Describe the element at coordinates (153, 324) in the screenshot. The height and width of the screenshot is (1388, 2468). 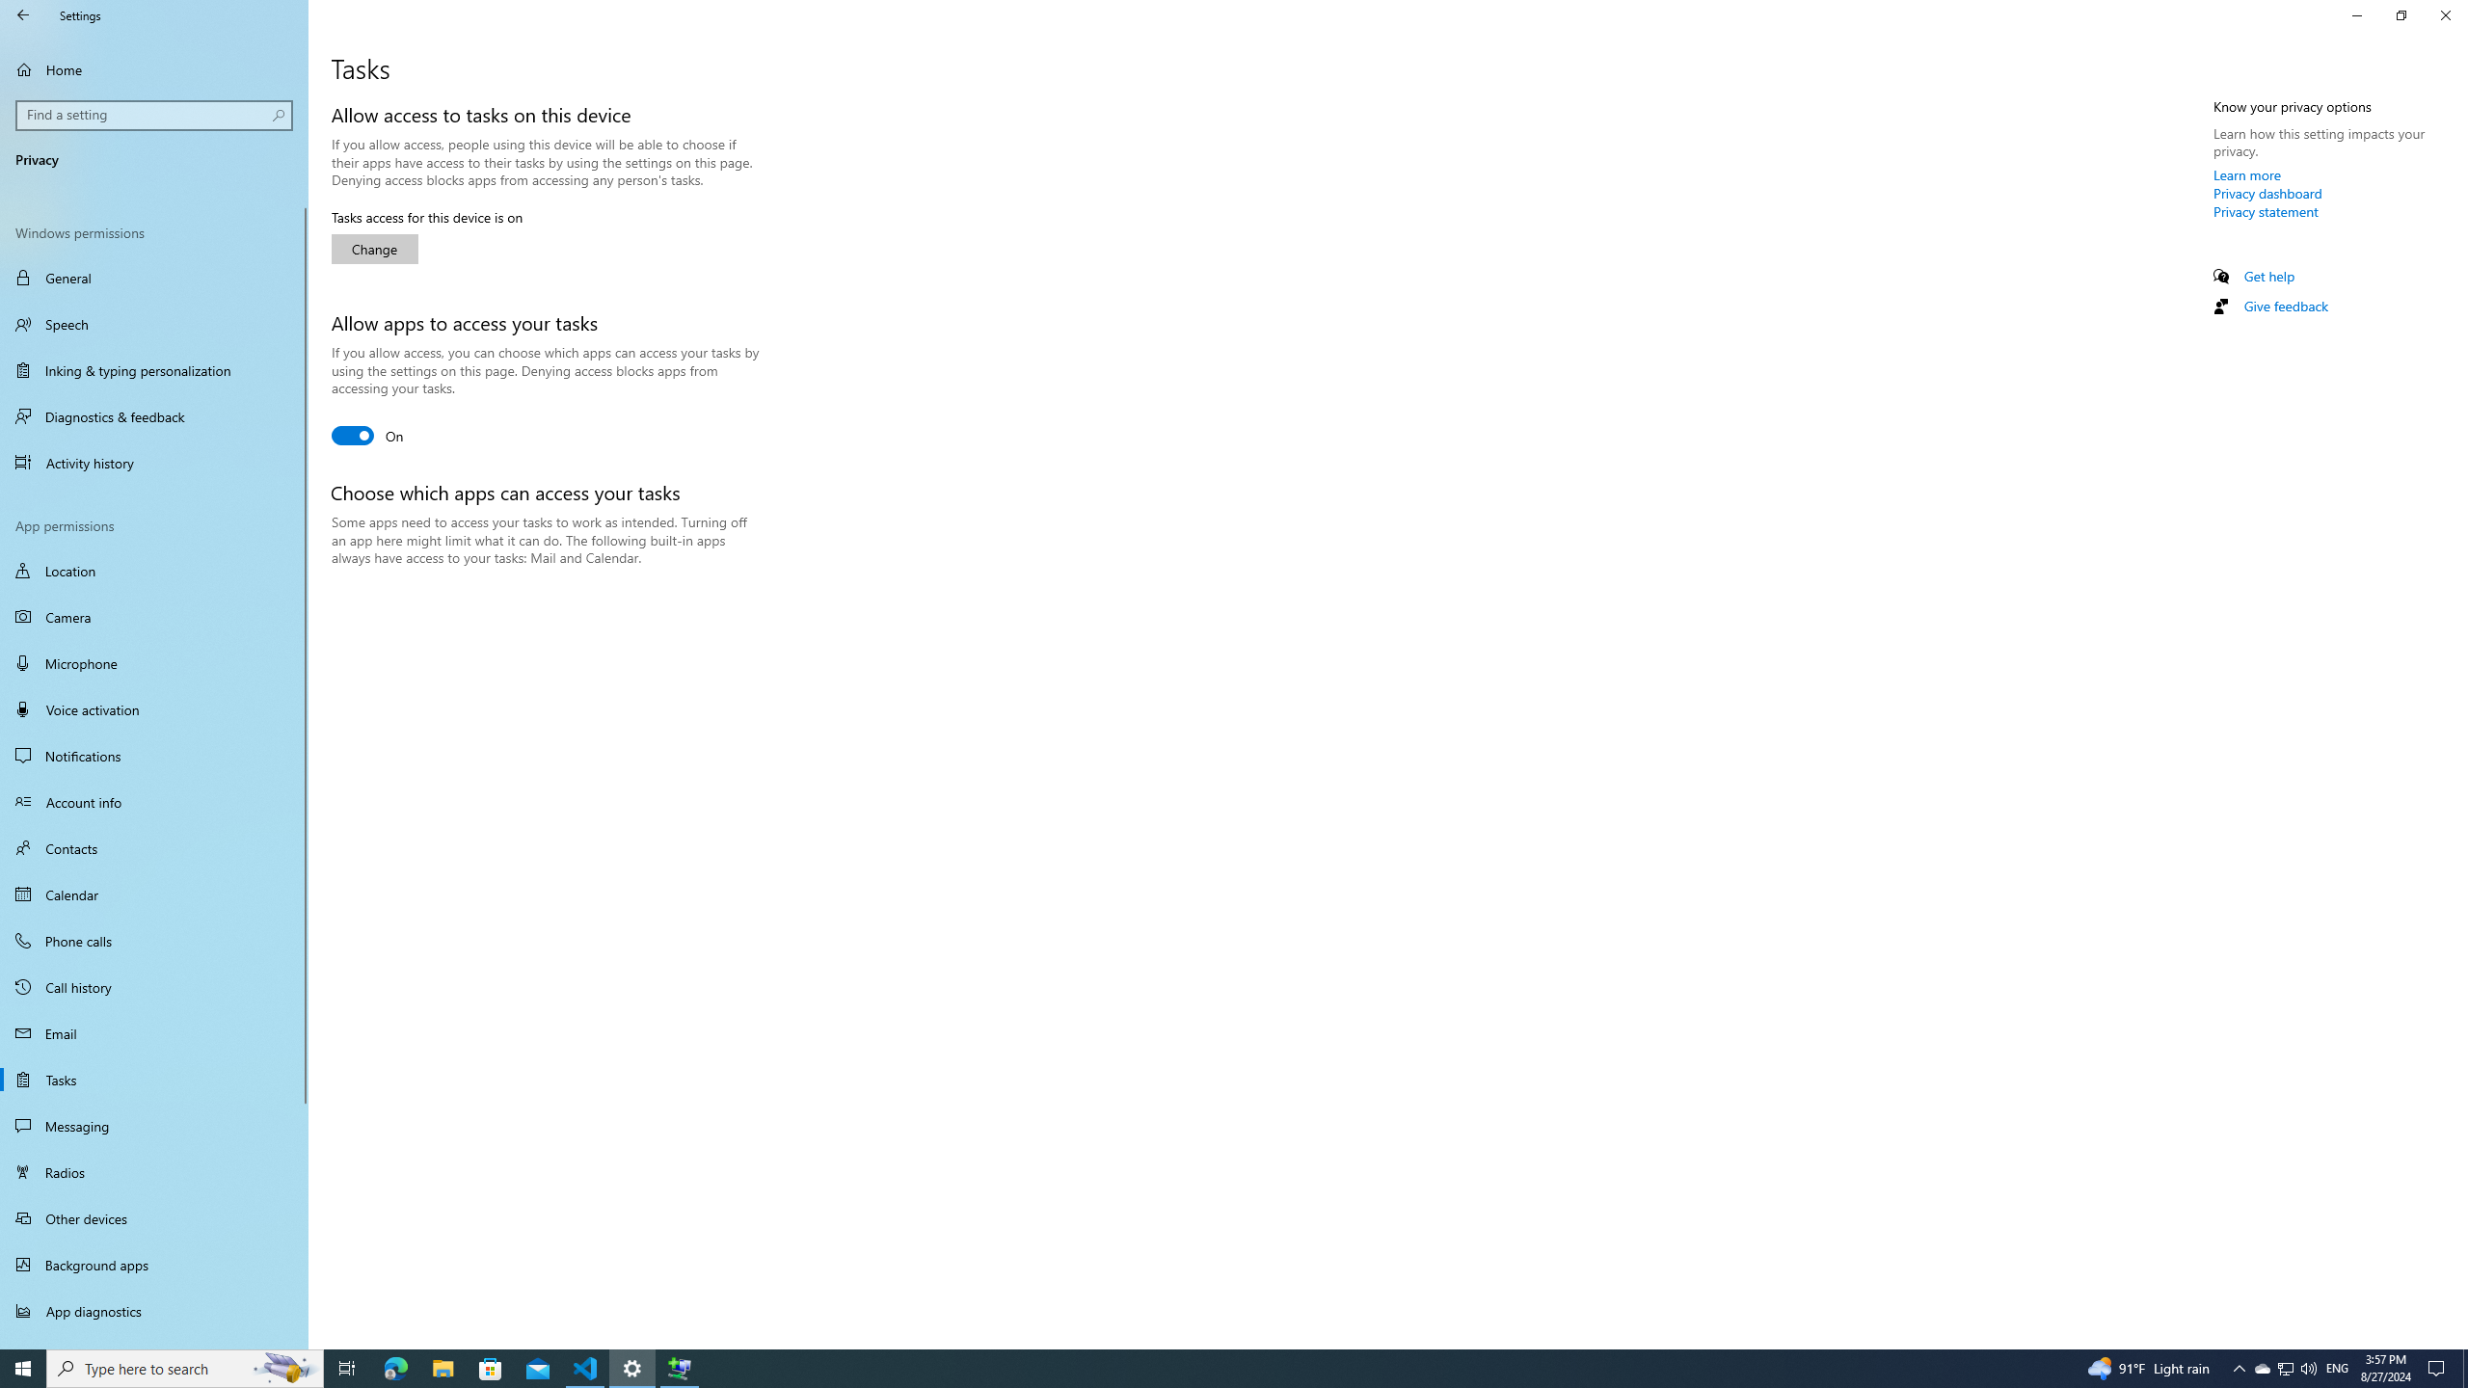
I see `'Speech'` at that location.